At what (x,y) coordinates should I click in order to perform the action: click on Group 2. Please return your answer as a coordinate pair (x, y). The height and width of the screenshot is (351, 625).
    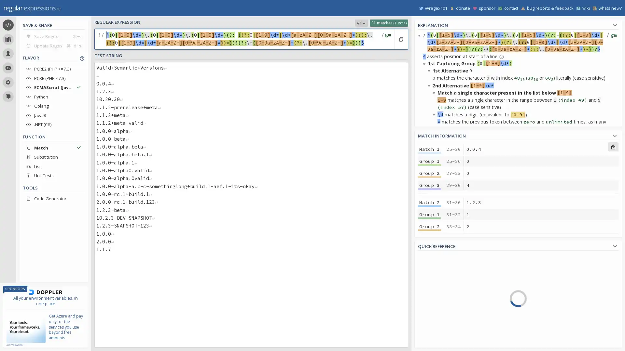
    Looking at the image, I should click on (429, 333).